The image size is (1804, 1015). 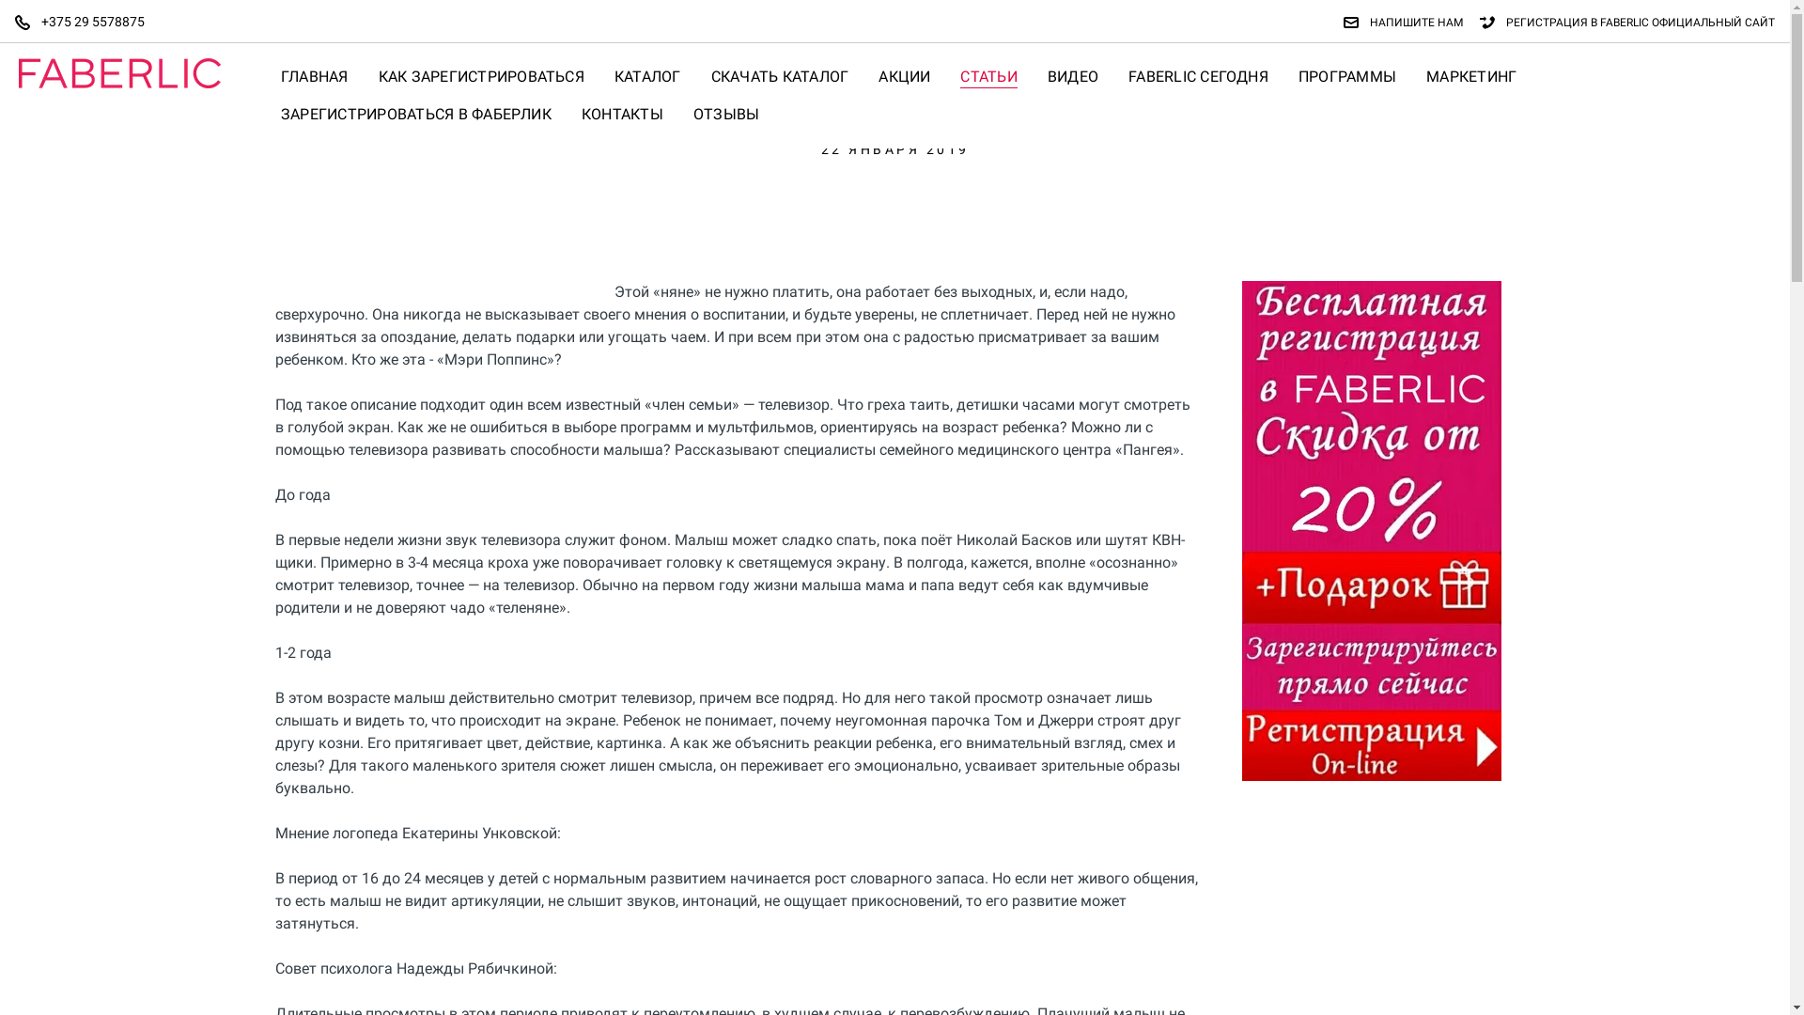 What do you see at coordinates (86, 22) in the screenshot?
I see `'+375 29 5578875'` at bounding box center [86, 22].